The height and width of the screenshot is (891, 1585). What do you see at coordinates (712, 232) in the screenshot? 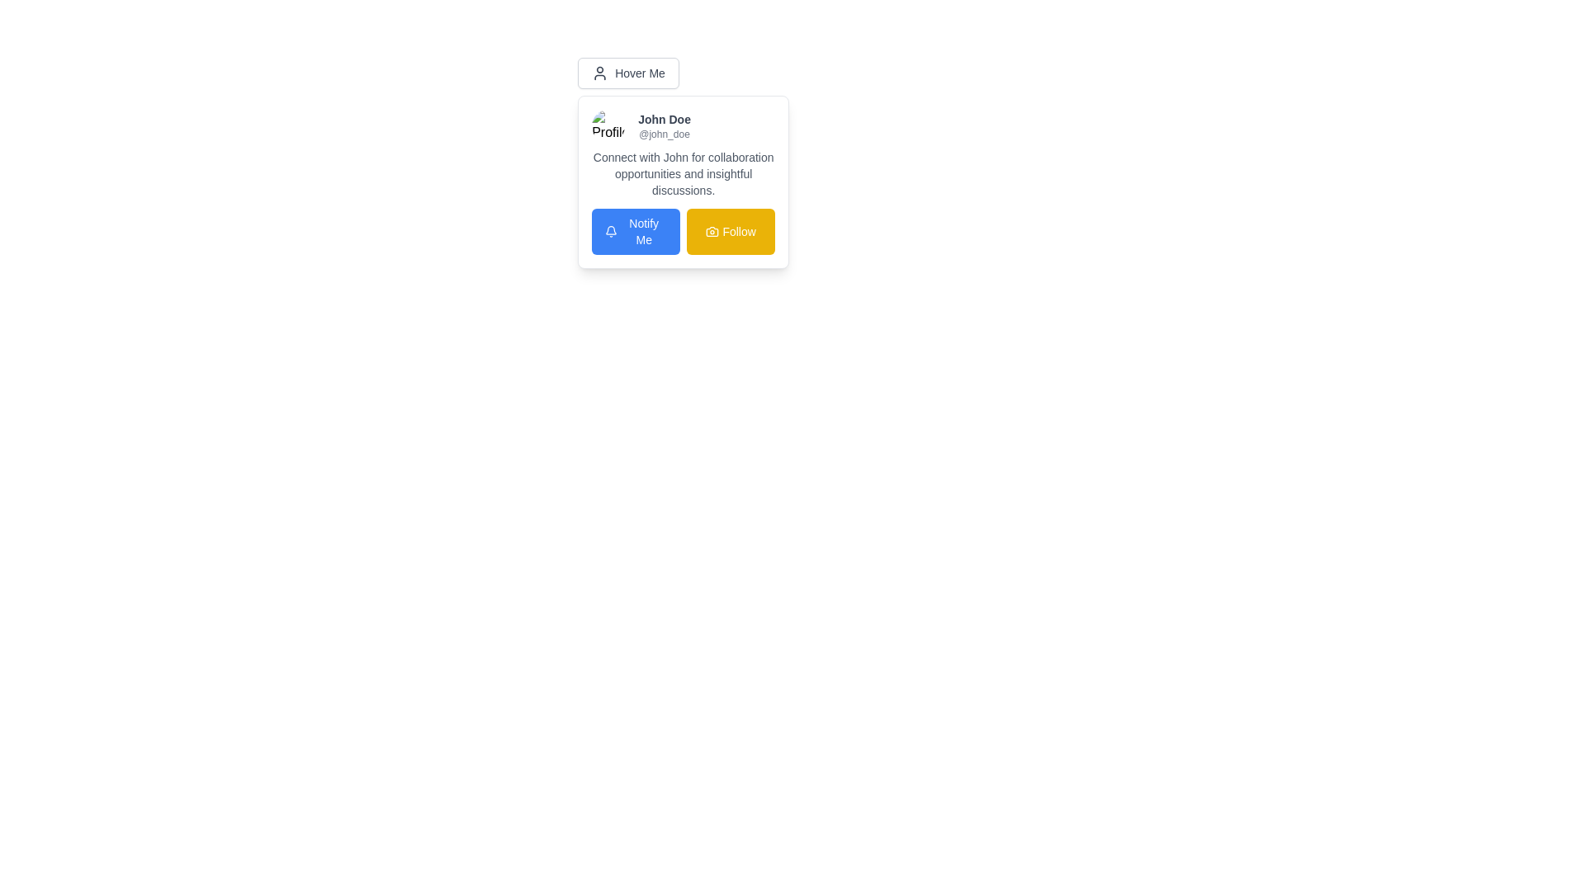
I see `the camera icon with a yellow background and red marking, located within the 'Follow' button at the bottom right of the profile card` at bounding box center [712, 232].